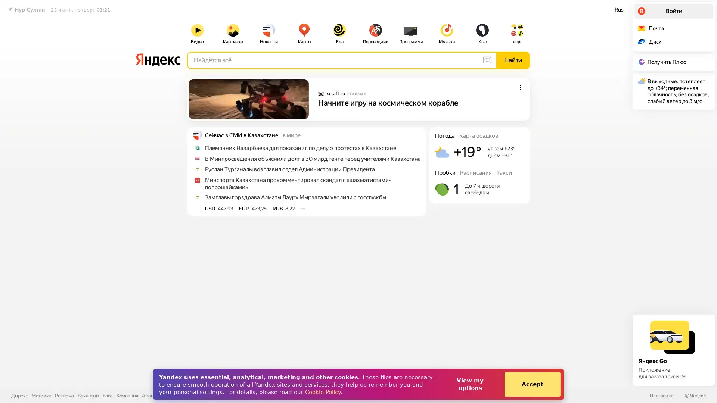 The height and width of the screenshot is (403, 717). Describe the element at coordinates (532, 384) in the screenshot. I see `Accept` at that location.